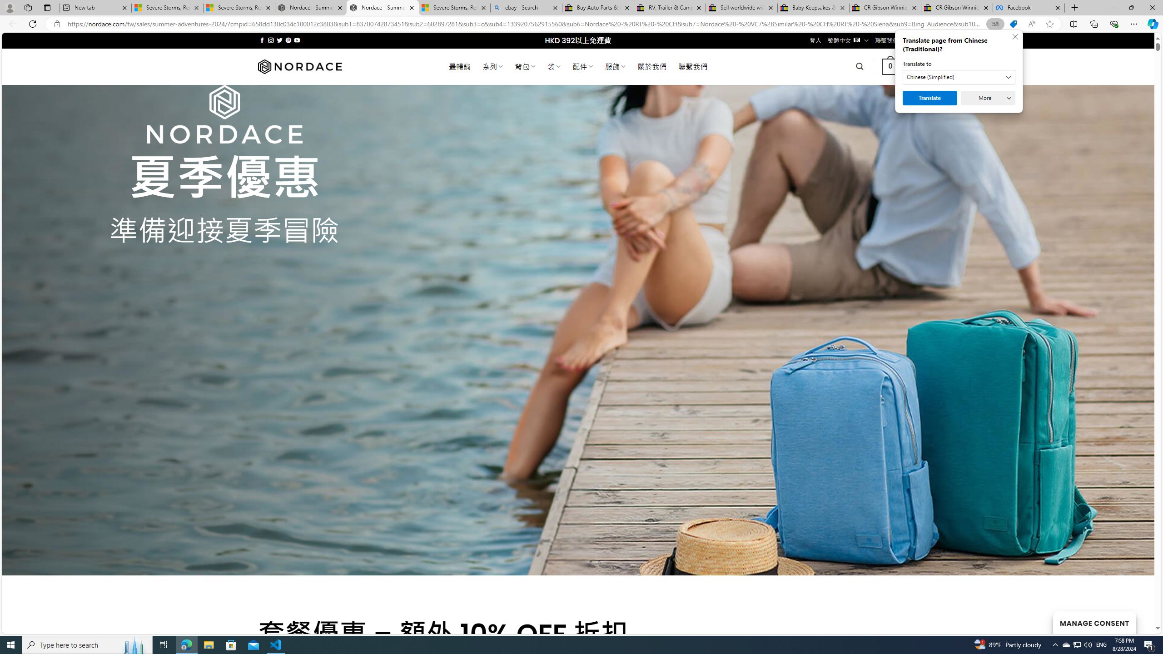  I want to click on 'Baby Keepsakes & Announcements for sale | eBay', so click(813, 7).